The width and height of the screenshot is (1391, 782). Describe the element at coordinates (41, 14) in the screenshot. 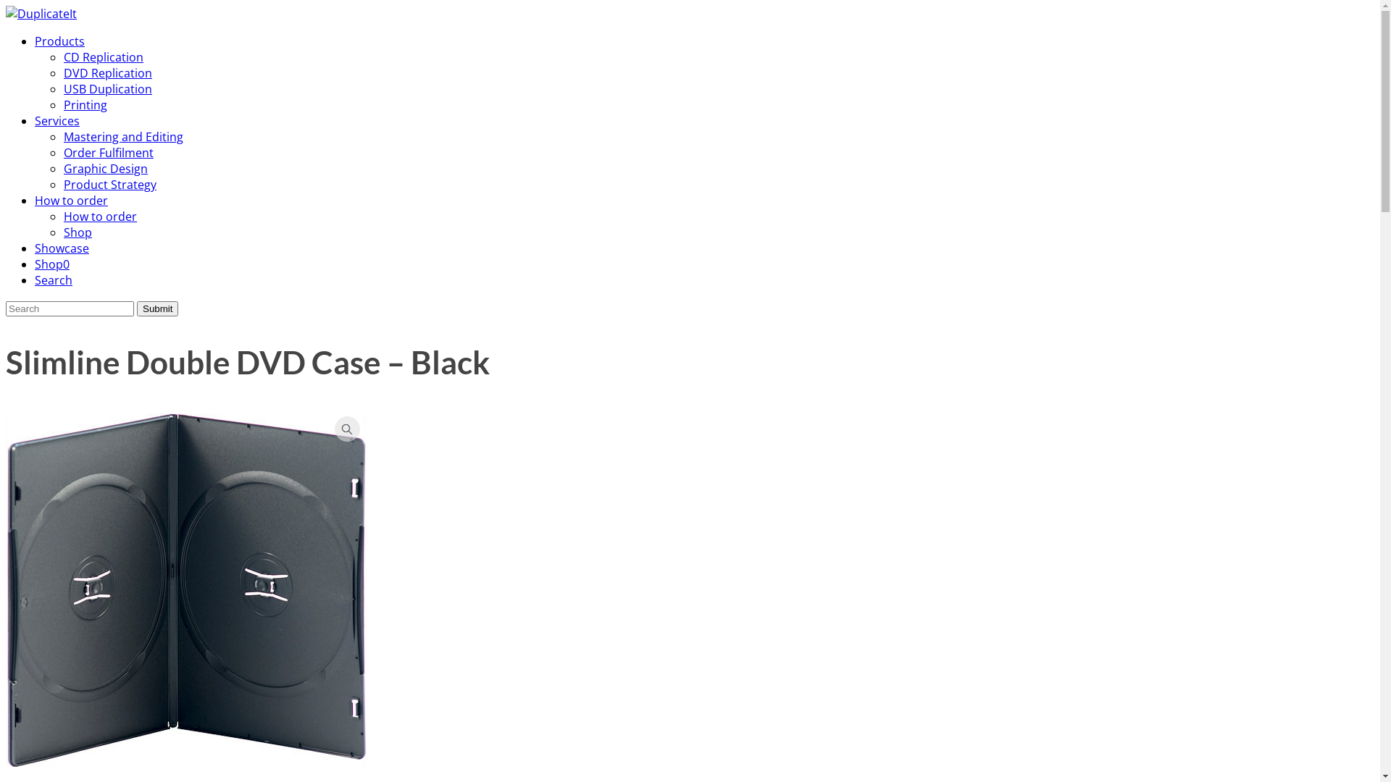

I see `'DuplicateIt'` at that location.